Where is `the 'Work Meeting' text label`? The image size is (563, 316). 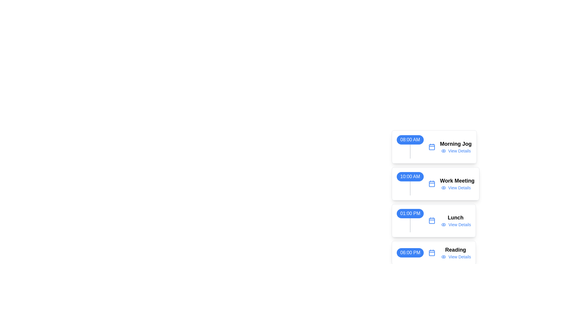 the 'Work Meeting' text label is located at coordinates (457, 180).